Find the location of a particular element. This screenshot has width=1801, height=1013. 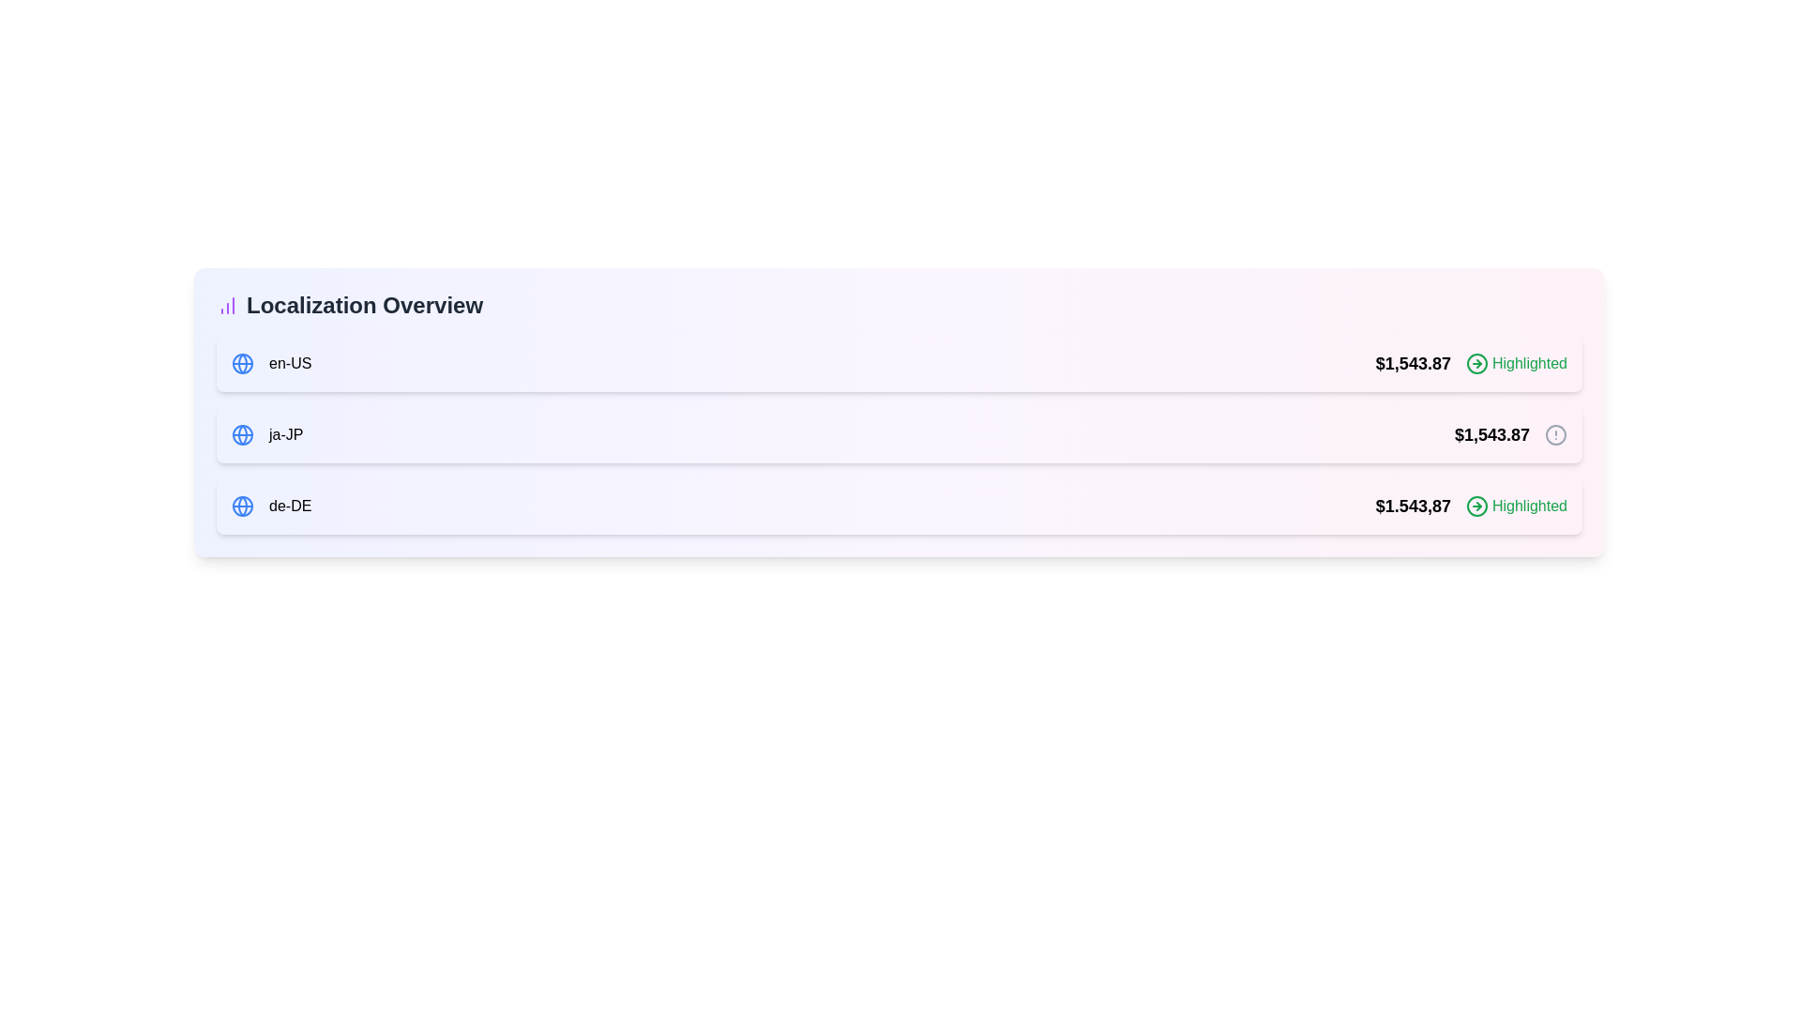

the Text label displaying '$1,543.87' with a green 'Highlighted' label and right arrow icon, located in the third row adjacent to the 'de-DE' label is located at coordinates (1470, 506).